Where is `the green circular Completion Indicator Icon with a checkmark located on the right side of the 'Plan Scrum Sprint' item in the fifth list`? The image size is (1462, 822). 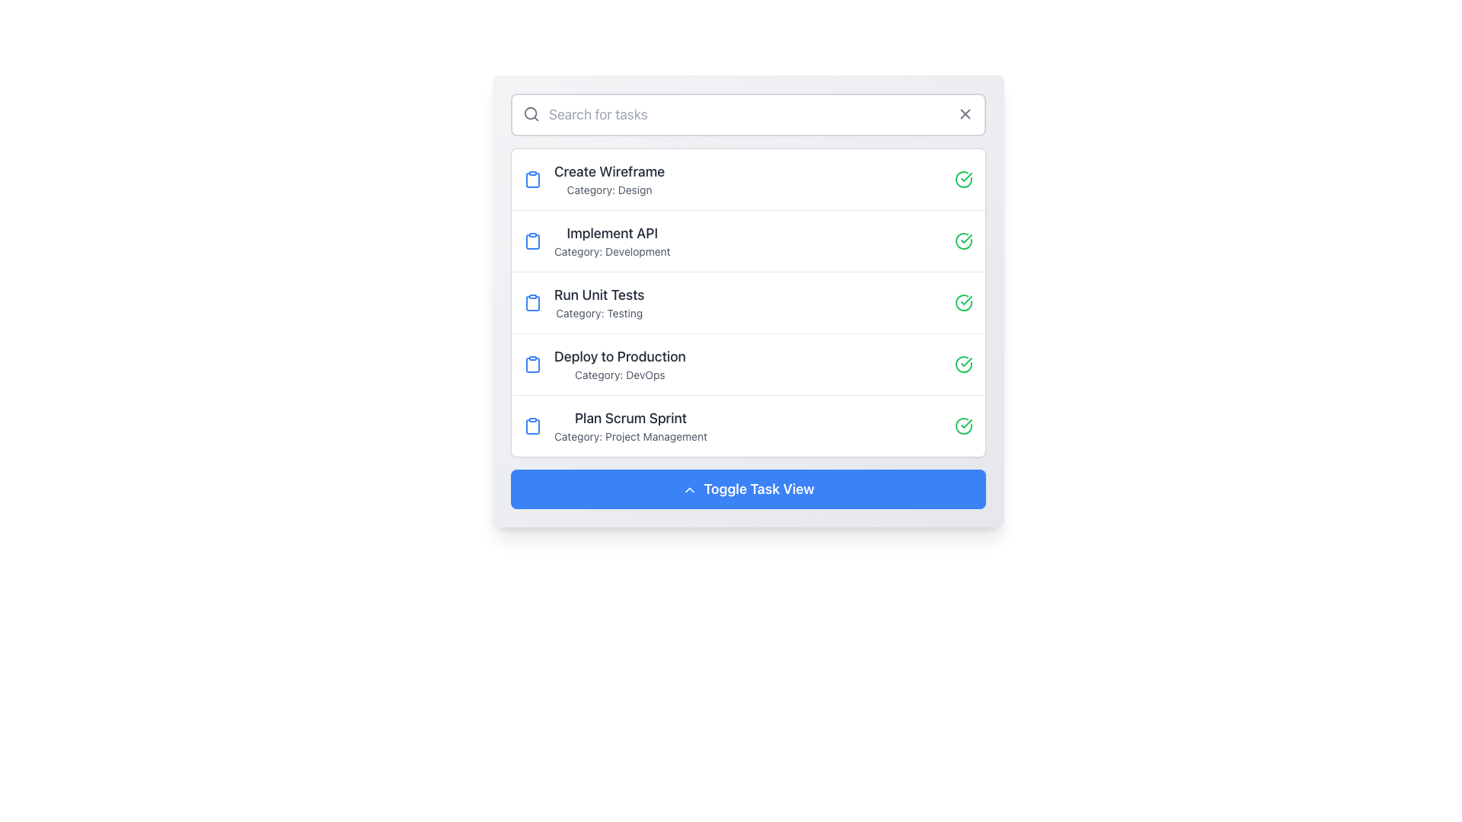
the green circular Completion Indicator Icon with a checkmark located on the right side of the 'Plan Scrum Sprint' item in the fifth list is located at coordinates (963, 425).